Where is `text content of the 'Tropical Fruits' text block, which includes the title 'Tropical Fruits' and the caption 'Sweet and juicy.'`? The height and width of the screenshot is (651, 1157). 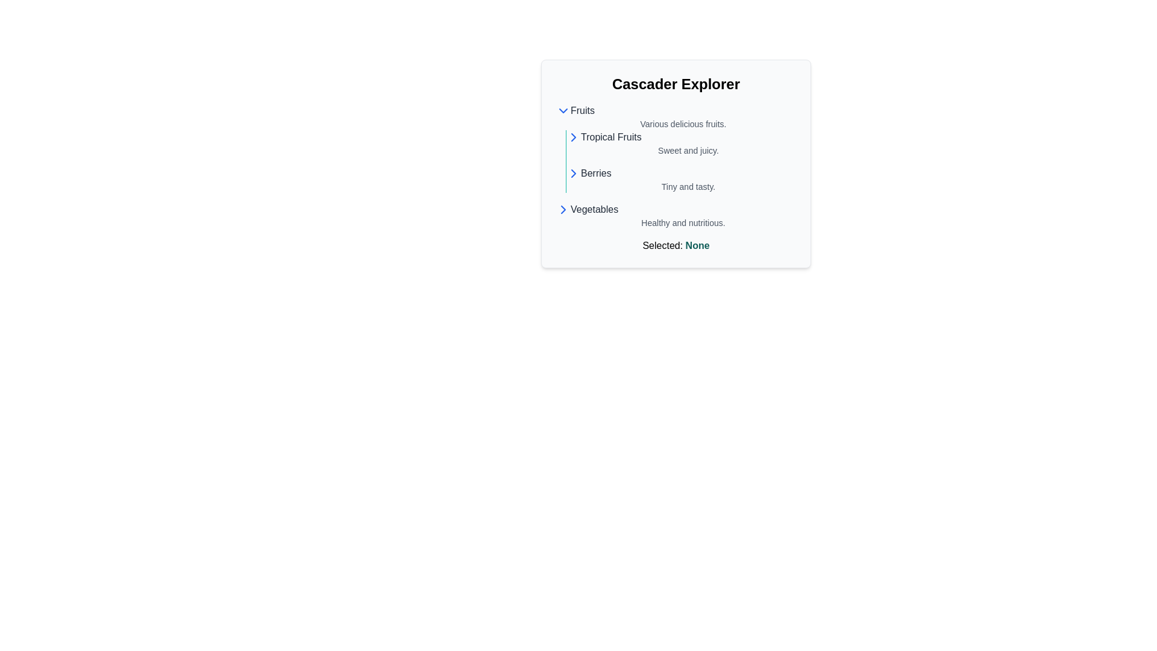 text content of the 'Tropical Fruits' text block, which includes the title 'Tropical Fruits' and the caption 'Sweet and juicy.' is located at coordinates (681, 143).